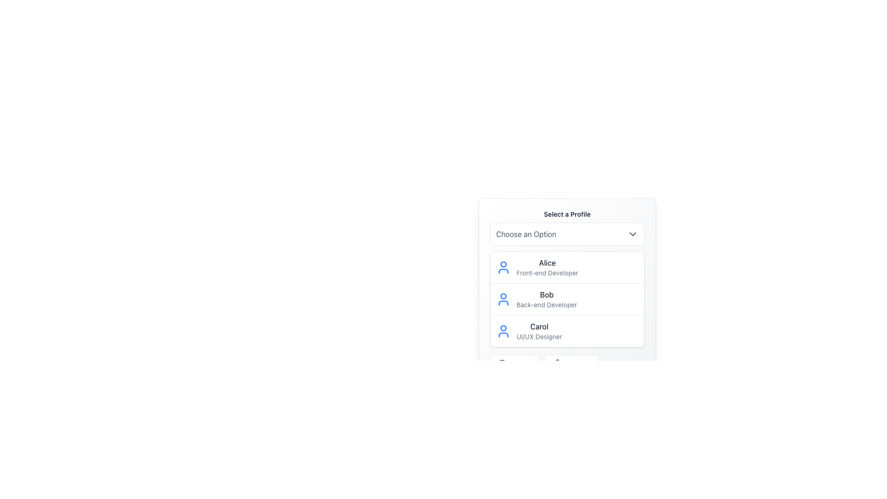 The image size is (887, 499). What do you see at coordinates (567, 233) in the screenshot?
I see `the Dropdown menu located under the title 'Select a Profile'` at bounding box center [567, 233].